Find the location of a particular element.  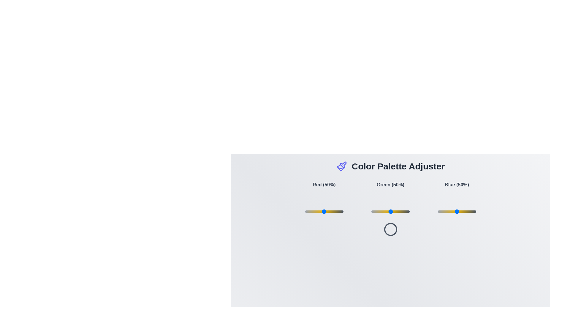

the blue color slider to 57% is located at coordinates (459, 211).